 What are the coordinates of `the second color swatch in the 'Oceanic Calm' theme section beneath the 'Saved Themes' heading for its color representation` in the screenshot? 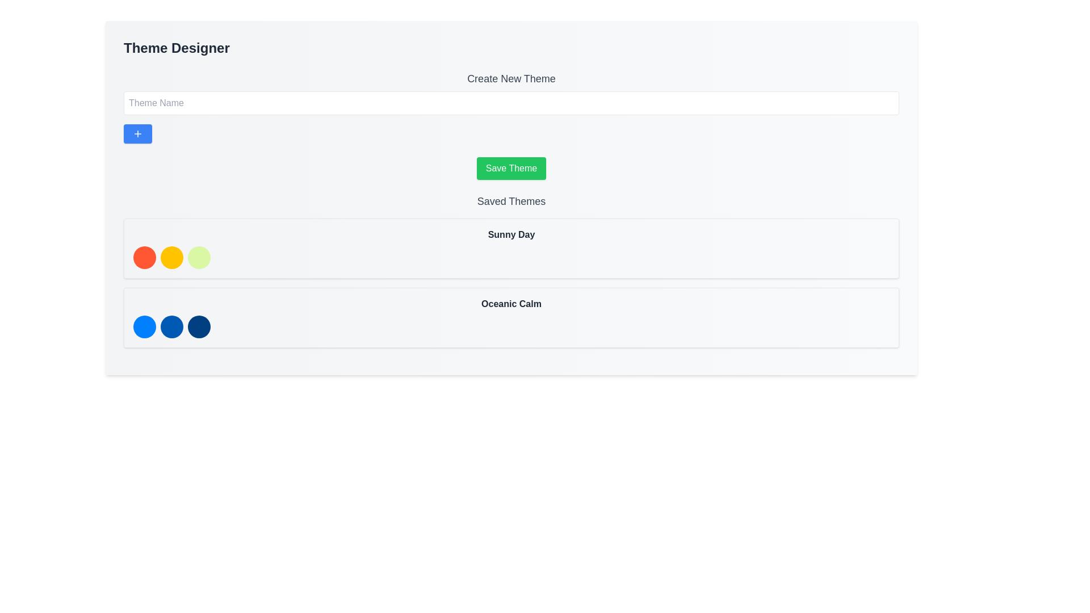 It's located at (171, 326).